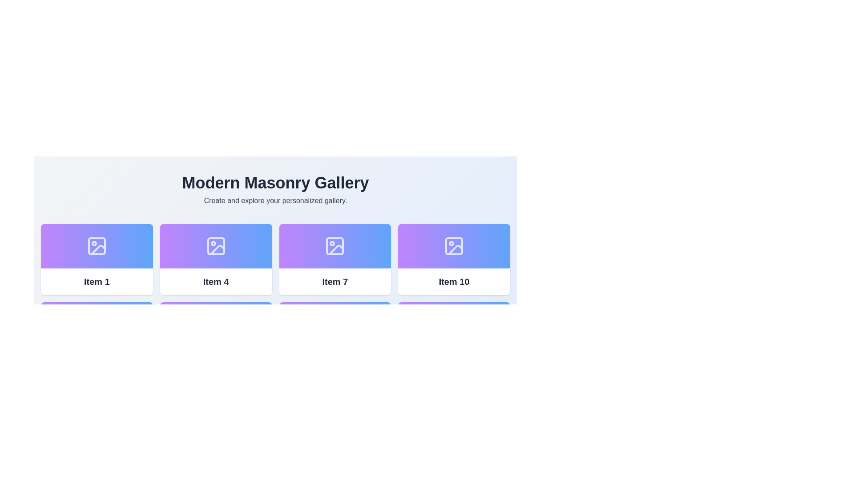 This screenshot has width=854, height=480. I want to click on the decorative shape within the photo icon located in the card labeled 'Item 10' in the bottom row of the gallery, so click(454, 246).